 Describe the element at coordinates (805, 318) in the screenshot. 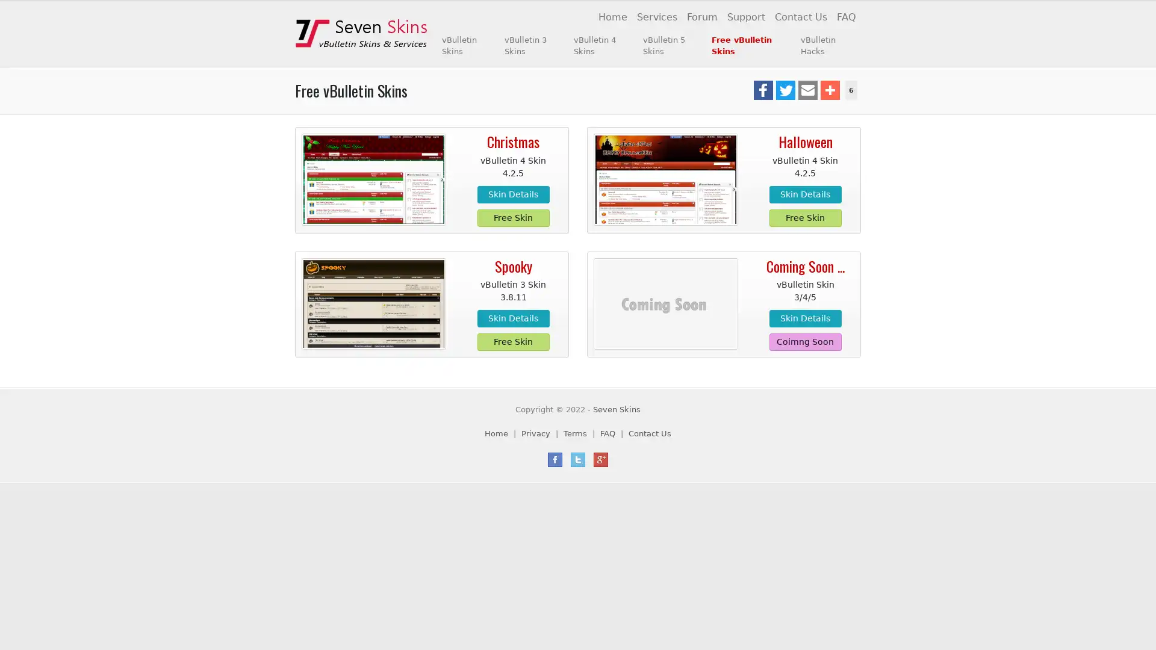

I see `Skin Details` at that location.